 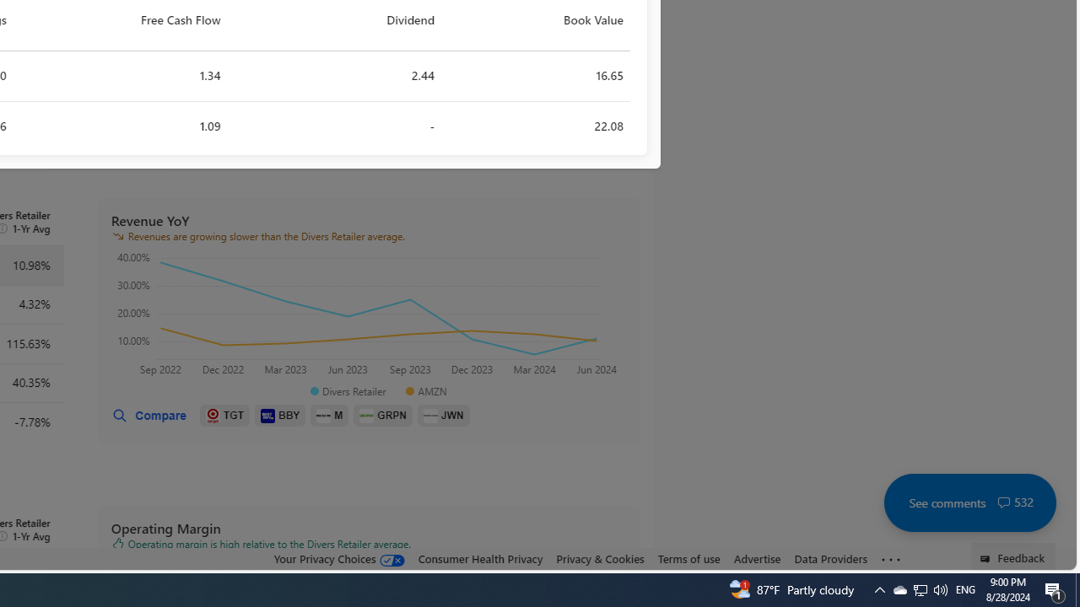 I want to click on 'Class: feedback_link_icon-DS-EntryPoint1-1', so click(x=988, y=559).